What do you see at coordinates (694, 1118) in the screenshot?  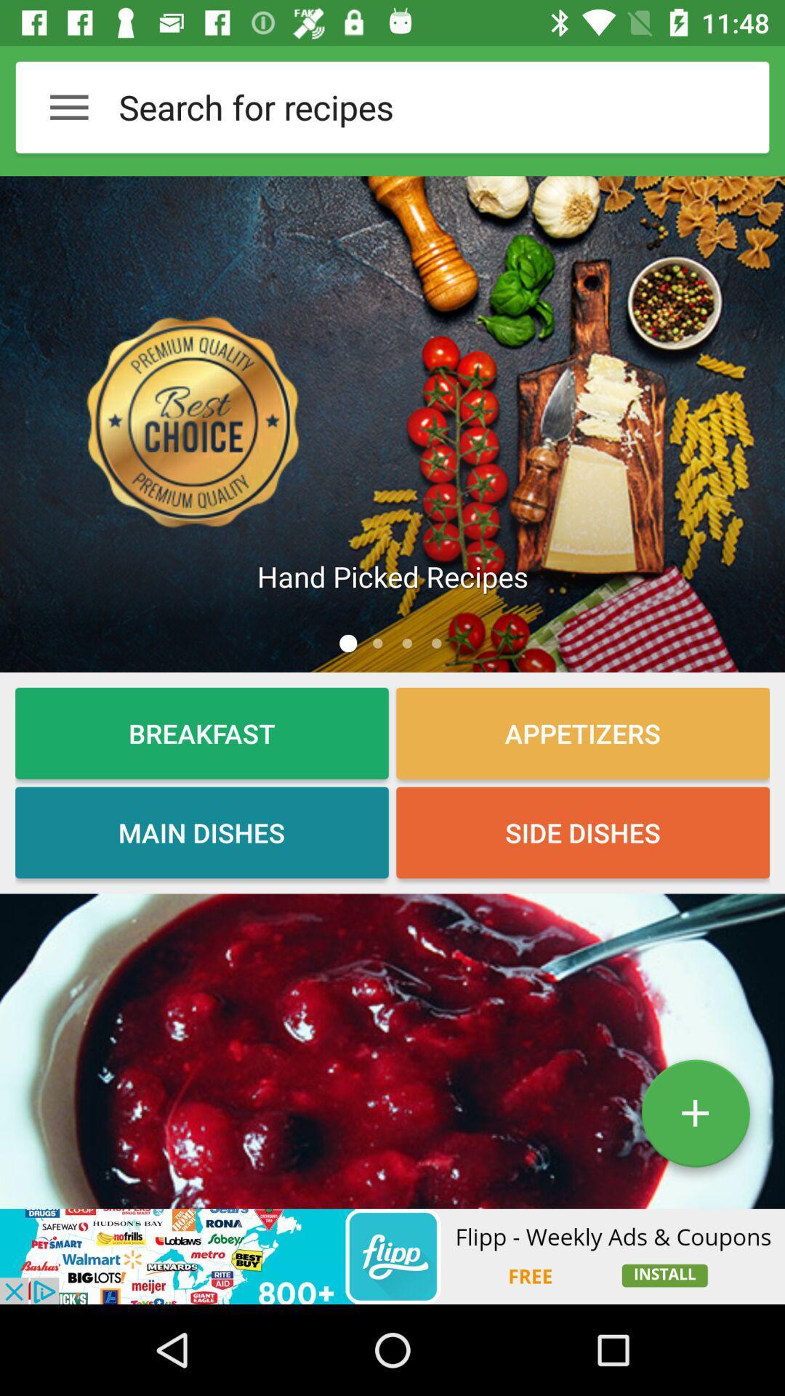 I see `the add icon` at bounding box center [694, 1118].